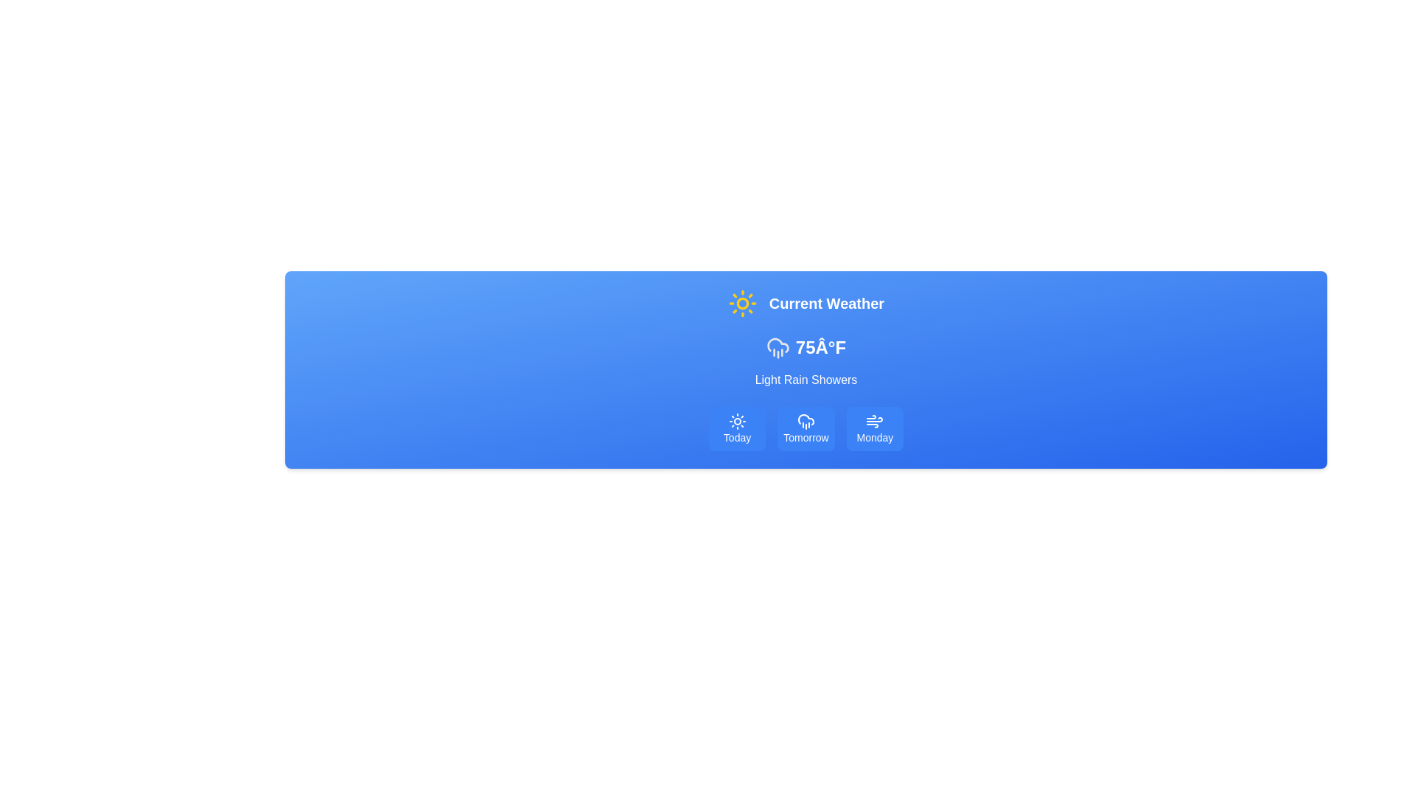  What do you see at coordinates (806, 437) in the screenshot?
I see `the 'Tomorrow' text label, which is the second option in a row of three, located at the bottom-center of a card-like layout with a blue background` at bounding box center [806, 437].